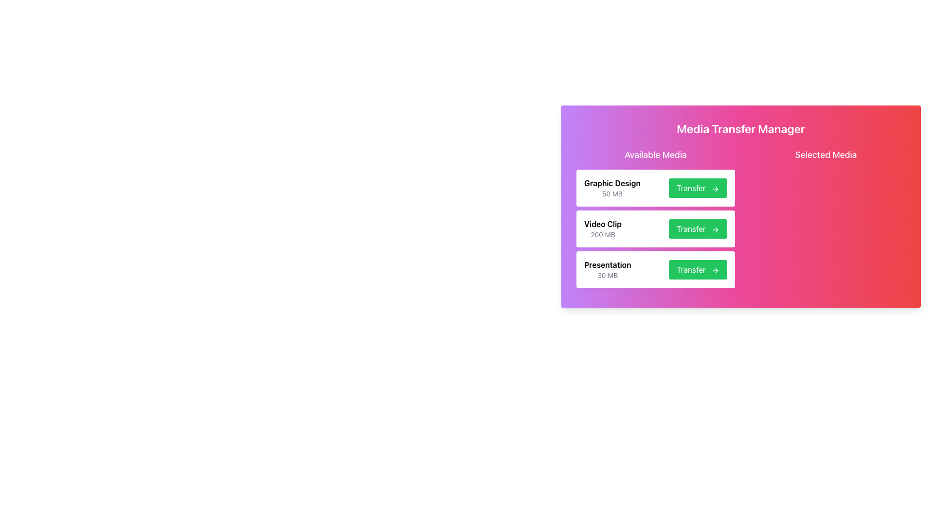  Describe the element at coordinates (611, 188) in the screenshot. I see `the text label displaying 'Graphic Design' and its size '50 MB' in the 'Available Media' section of the 'Media Transfer Manager' interface` at that location.